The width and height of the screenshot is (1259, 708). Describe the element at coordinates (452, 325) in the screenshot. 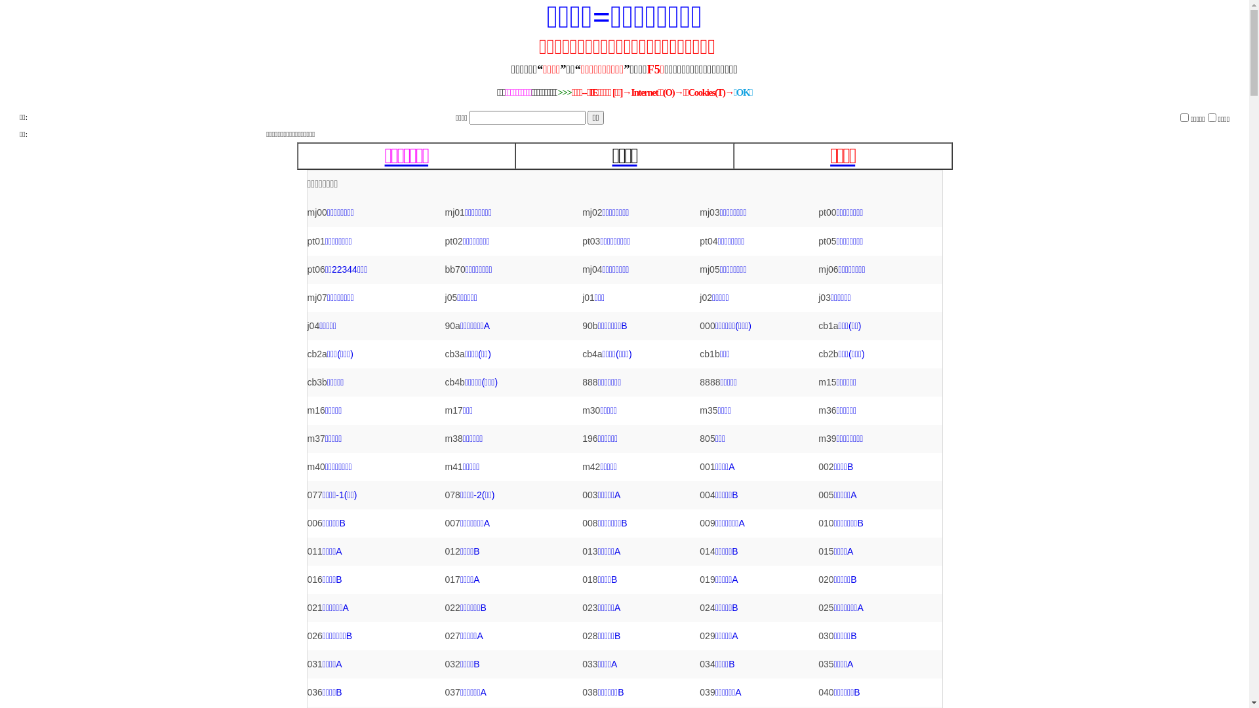

I see `'90a'` at that location.